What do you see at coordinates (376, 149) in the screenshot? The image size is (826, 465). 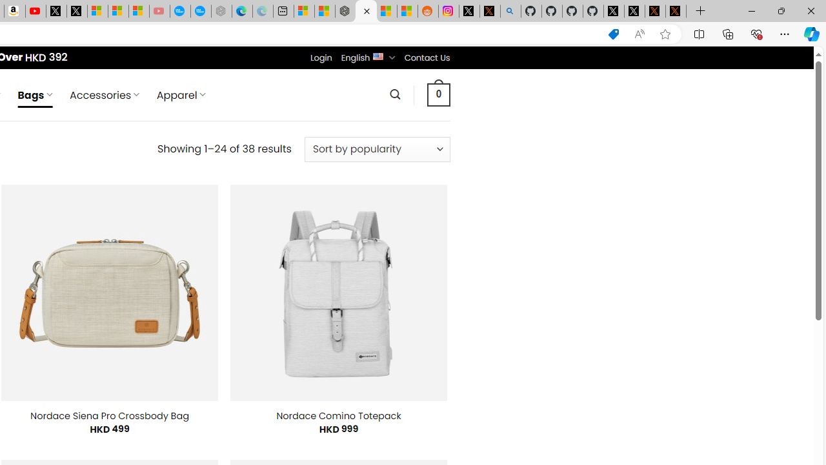 I see `'Shop order'` at bounding box center [376, 149].